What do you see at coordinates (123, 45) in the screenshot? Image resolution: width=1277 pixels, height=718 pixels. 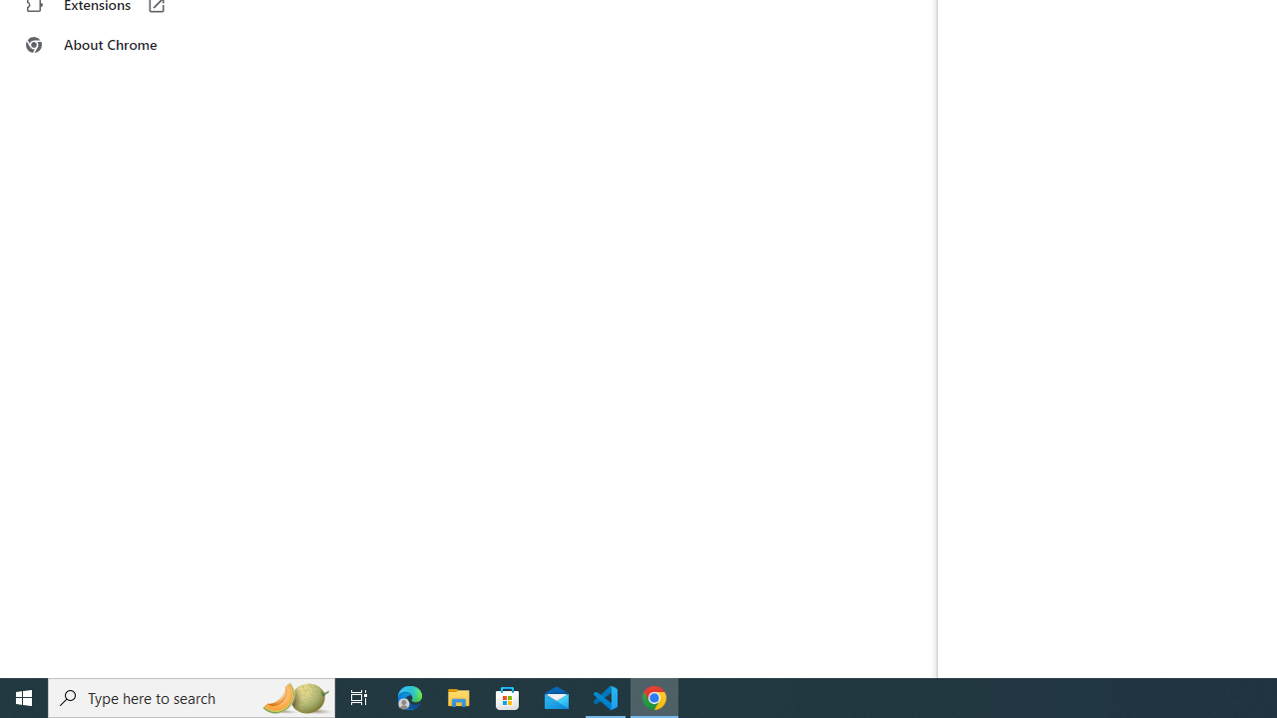 I see `'About Chrome'` at bounding box center [123, 45].